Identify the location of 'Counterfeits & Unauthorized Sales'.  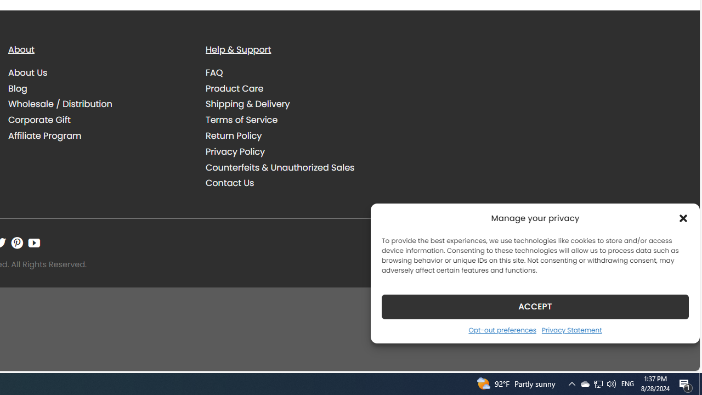
(296, 167).